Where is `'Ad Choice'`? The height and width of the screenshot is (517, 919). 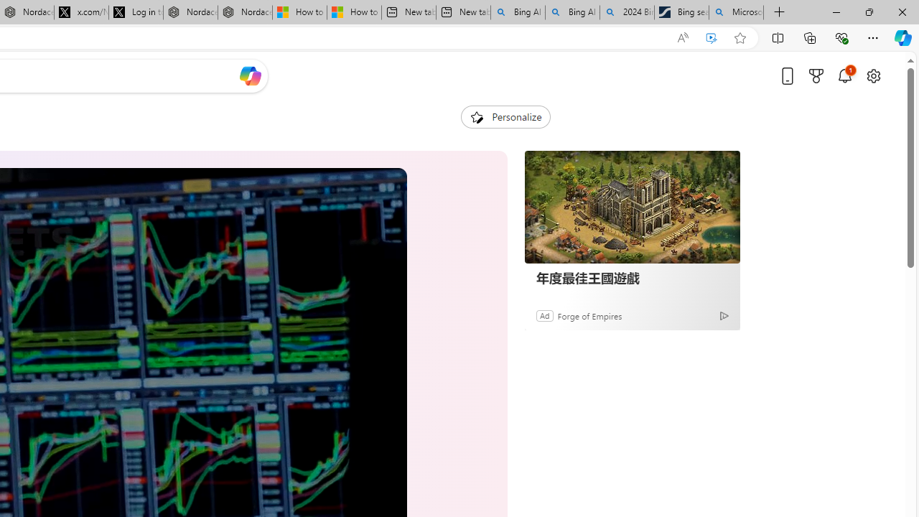
'Ad Choice' is located at coordinates (724, 315).